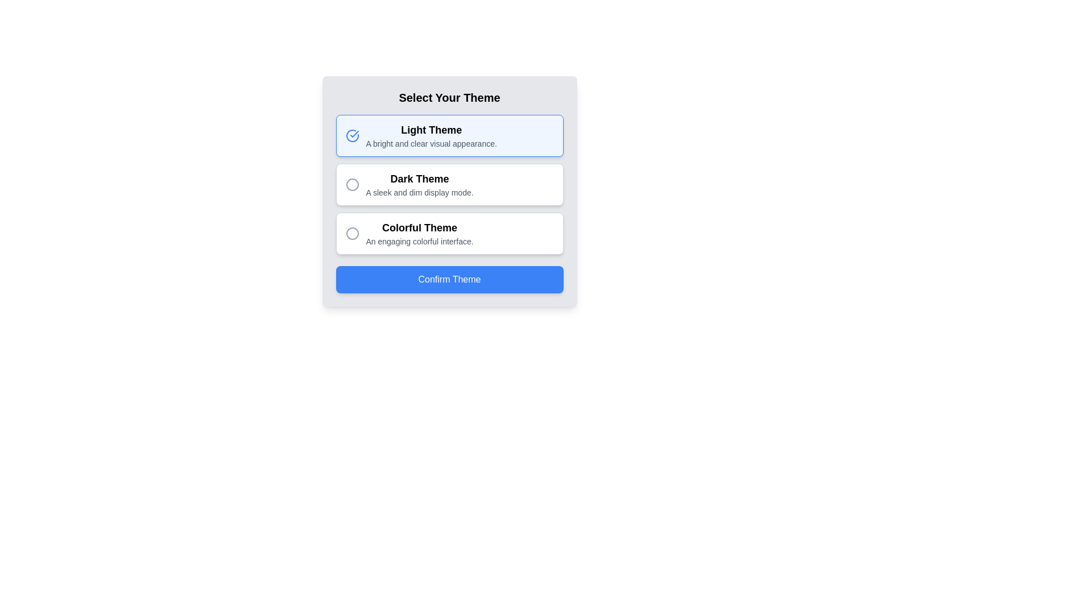 The image size is (1092, 614). I want to click on the 'Colorful Theme' selection card, which is the third option in a vertical list of theme choices, so click(449, 233).